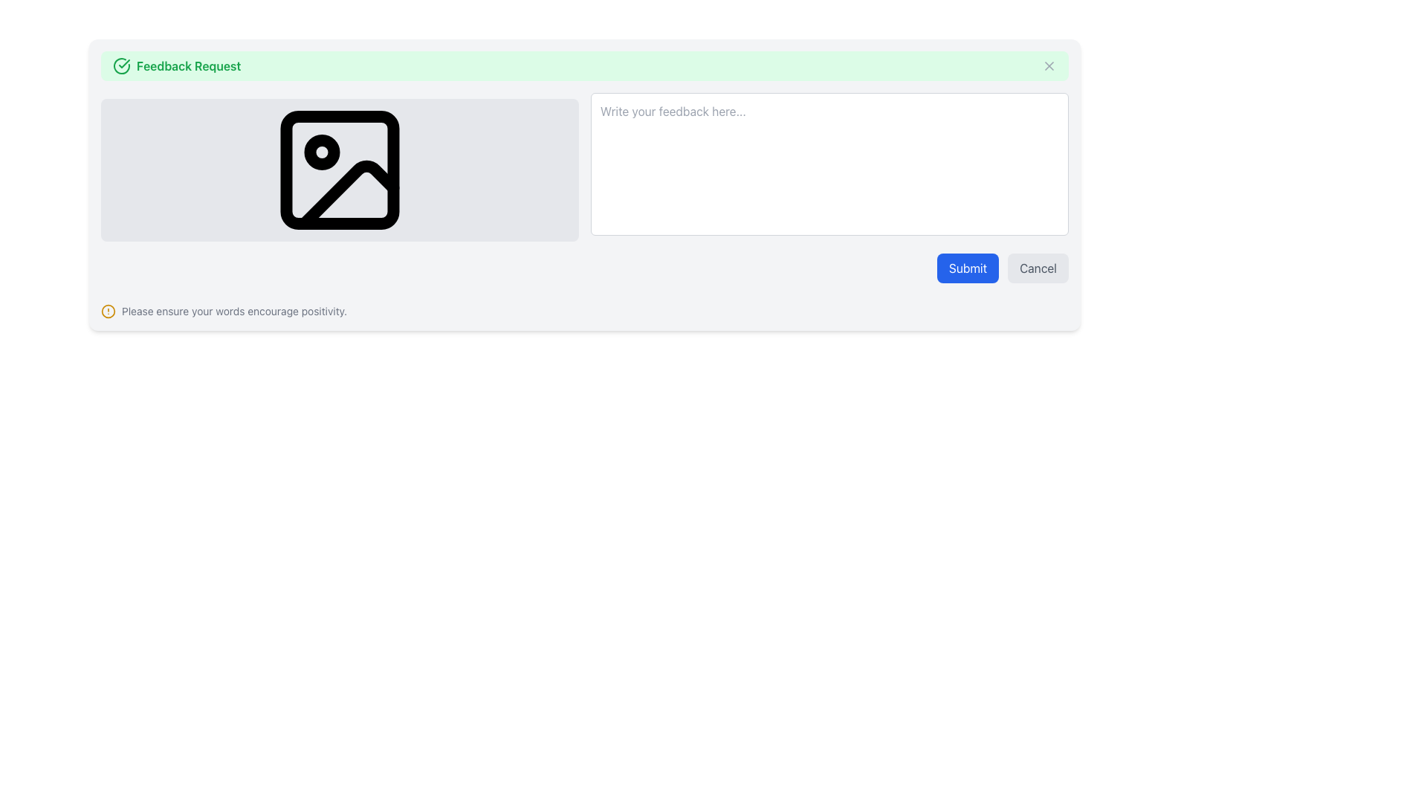  What do you see at coordinates (107, 311) in the screenshot?
I see `the warning alert icon represented by a small circle with a radius of 10 units, located at the bottom-left of the feedback interface` at bounding box center [107, 311].